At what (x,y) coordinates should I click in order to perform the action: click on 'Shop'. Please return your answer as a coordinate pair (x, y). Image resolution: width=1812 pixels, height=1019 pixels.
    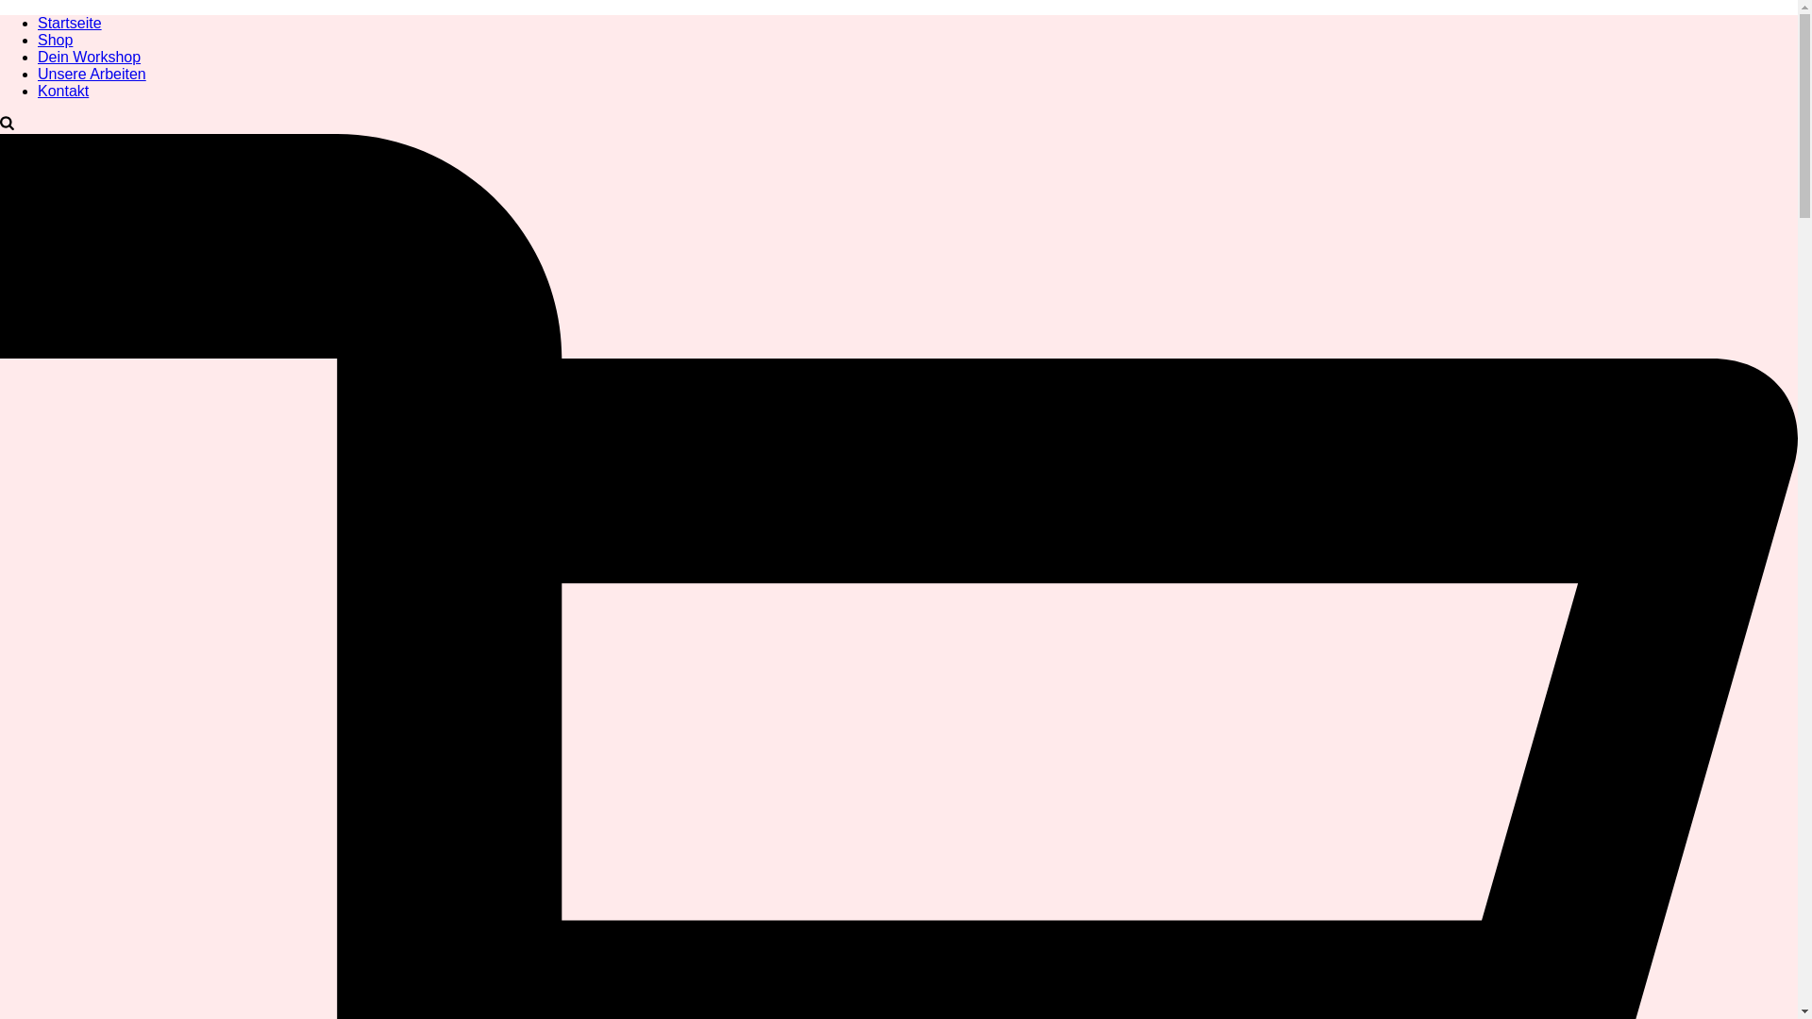
    Looking at the image, I should click on (55, 40).